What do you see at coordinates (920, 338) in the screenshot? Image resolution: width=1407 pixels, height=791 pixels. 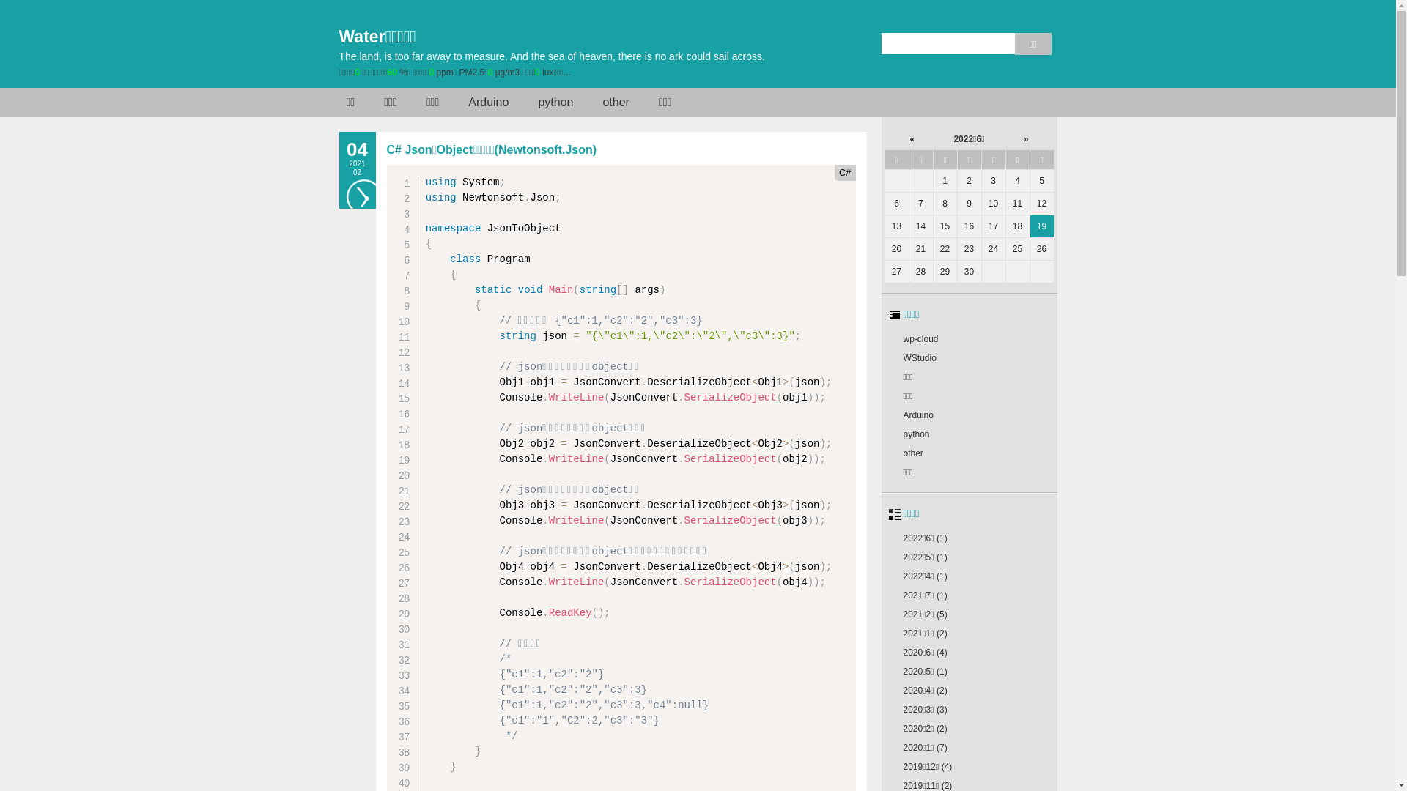 I see `'wp-cloud'` at bounding box center [920, 338].